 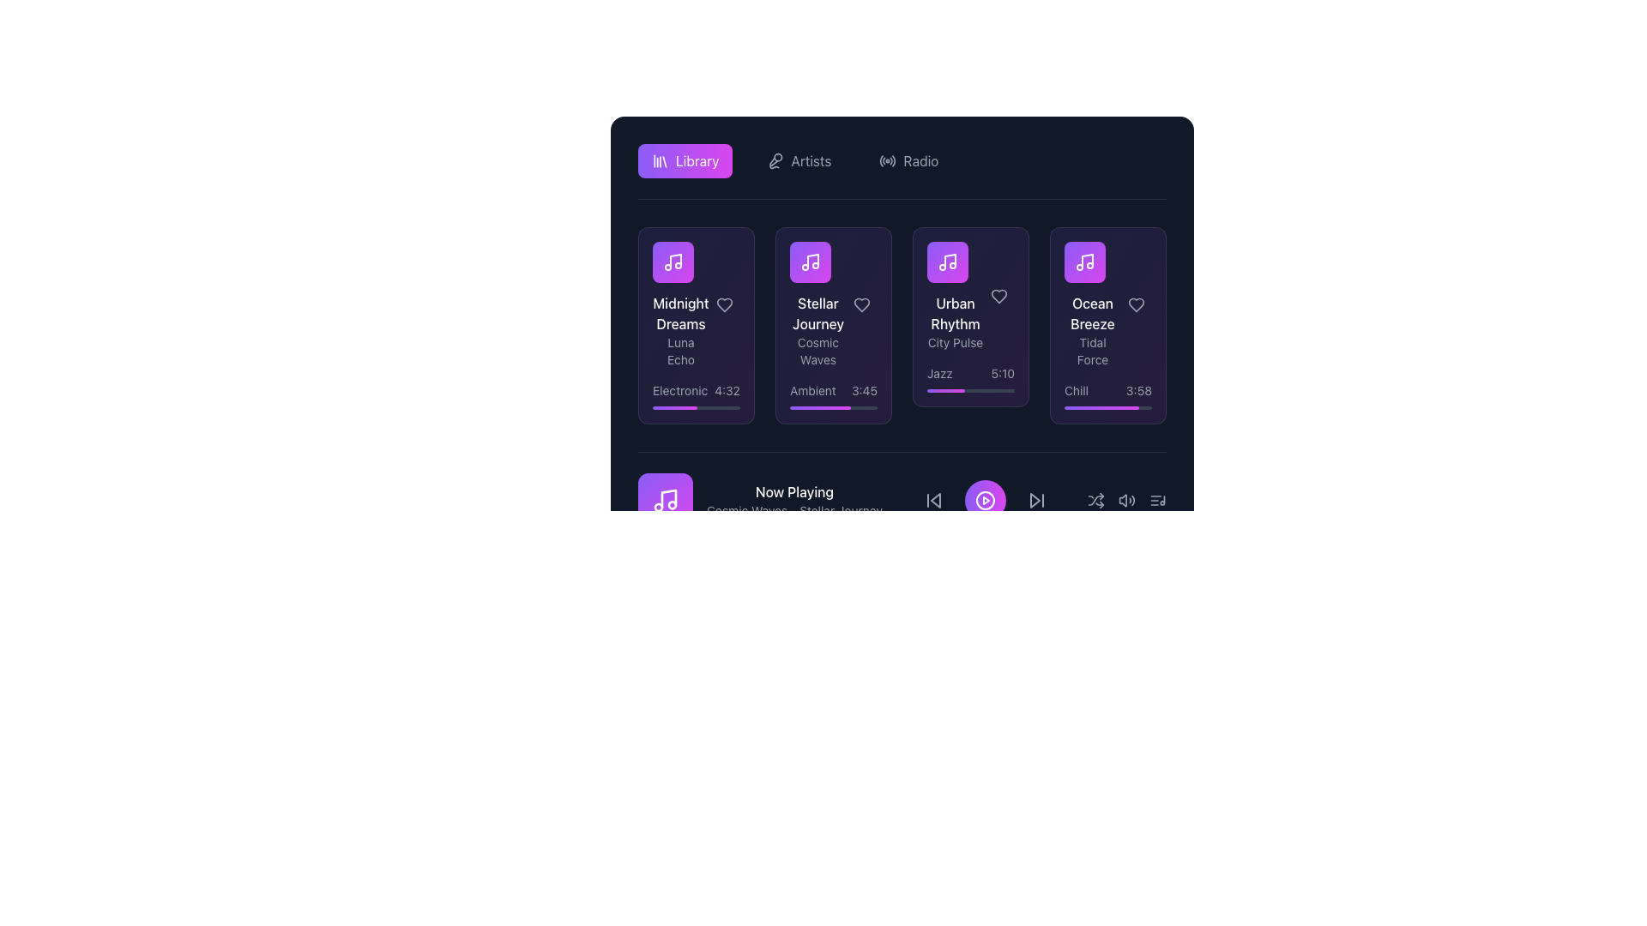 I want to click on the text label titled 'Stellar Journey', which is positioned below an icon and above the text element 'Cosmic Waves', so click(x=817, y=314).